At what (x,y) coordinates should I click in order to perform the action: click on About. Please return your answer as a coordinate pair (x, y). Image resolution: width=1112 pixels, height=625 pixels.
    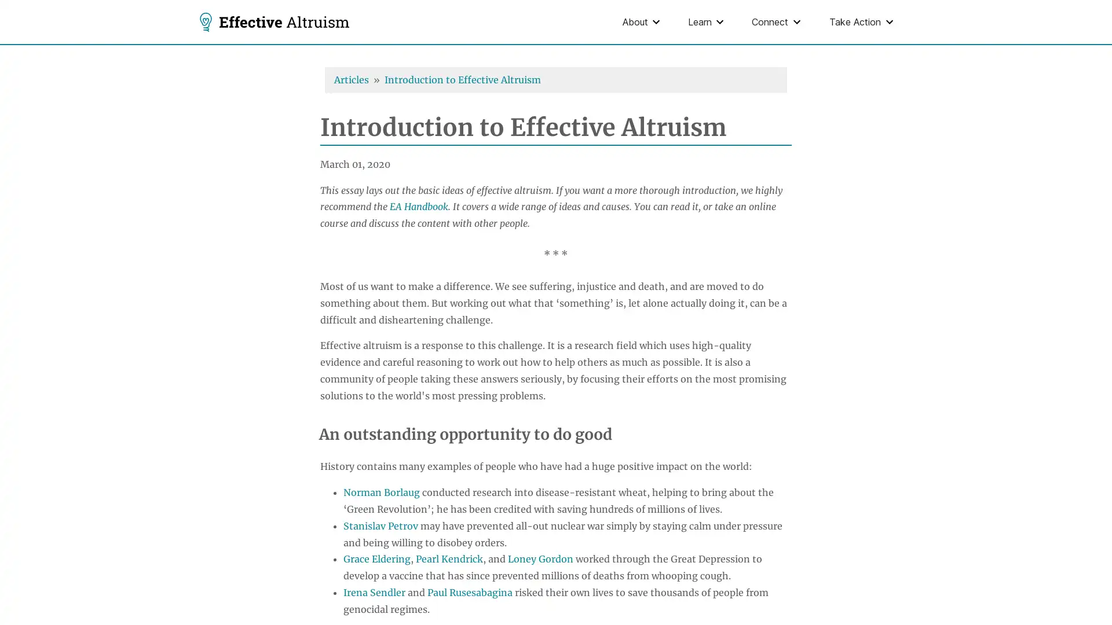
    Looking at the image, I should click on (641, 22).